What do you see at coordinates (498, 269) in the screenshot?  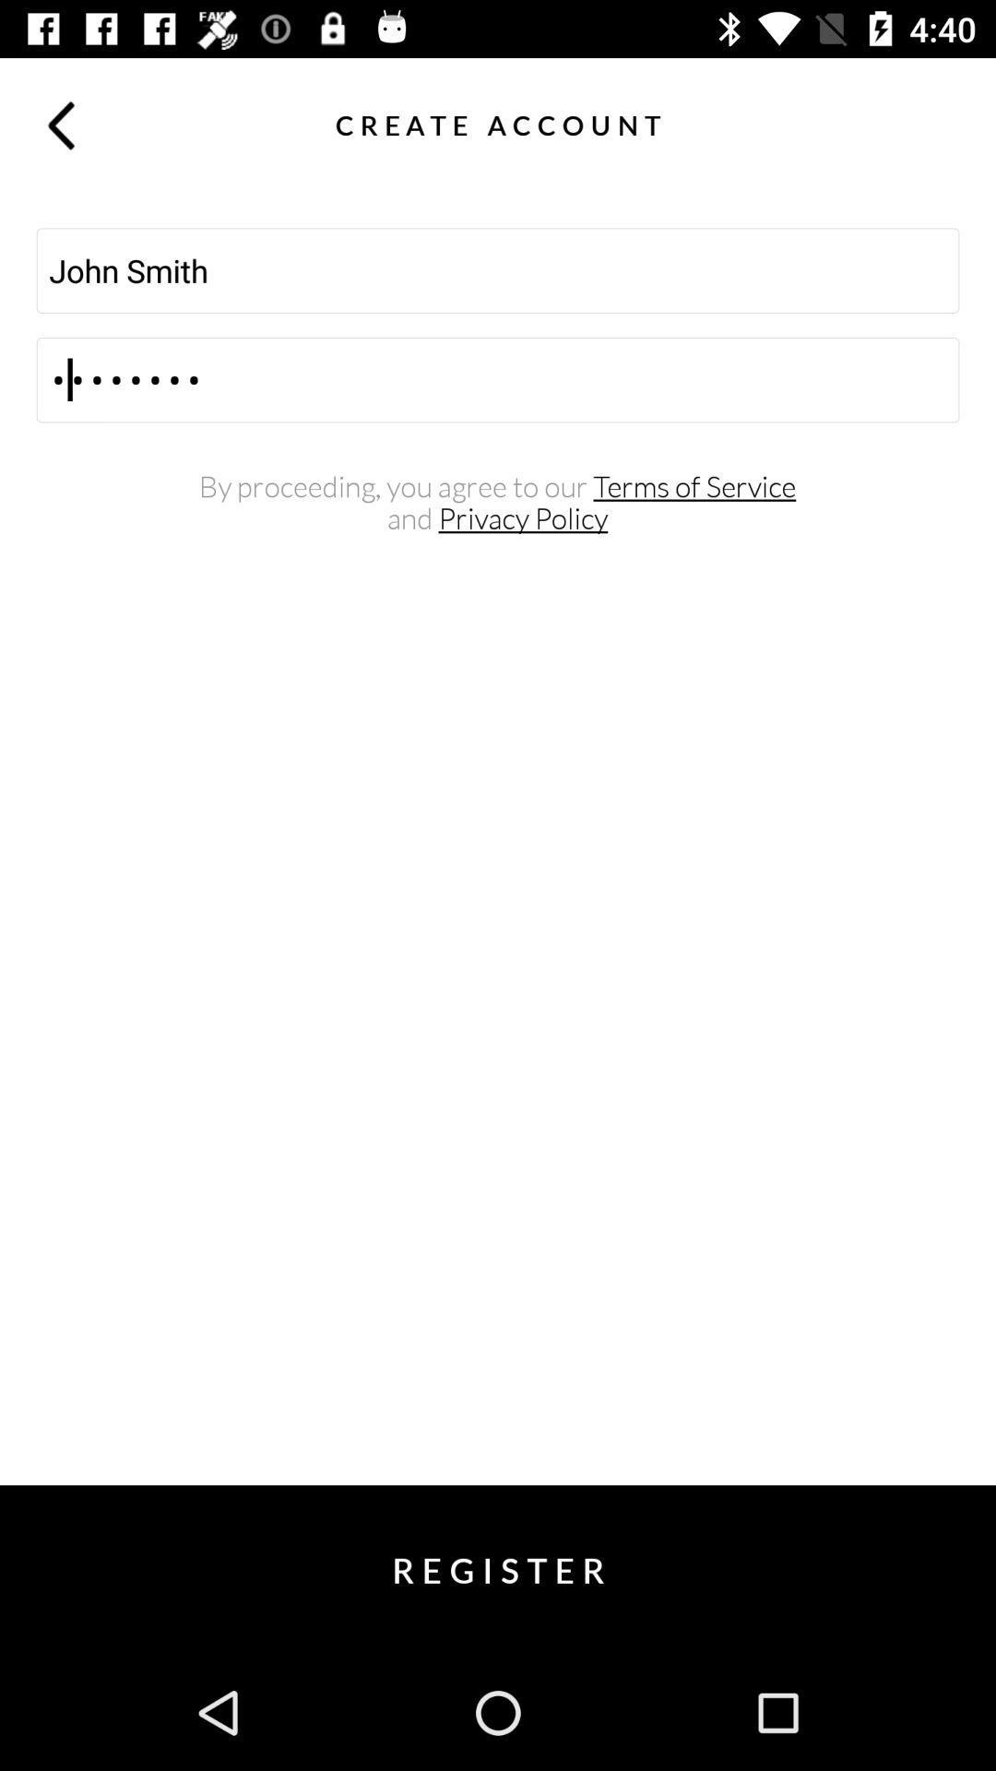 I see `the icon above the crod3116` at bounding box center [498, 269].